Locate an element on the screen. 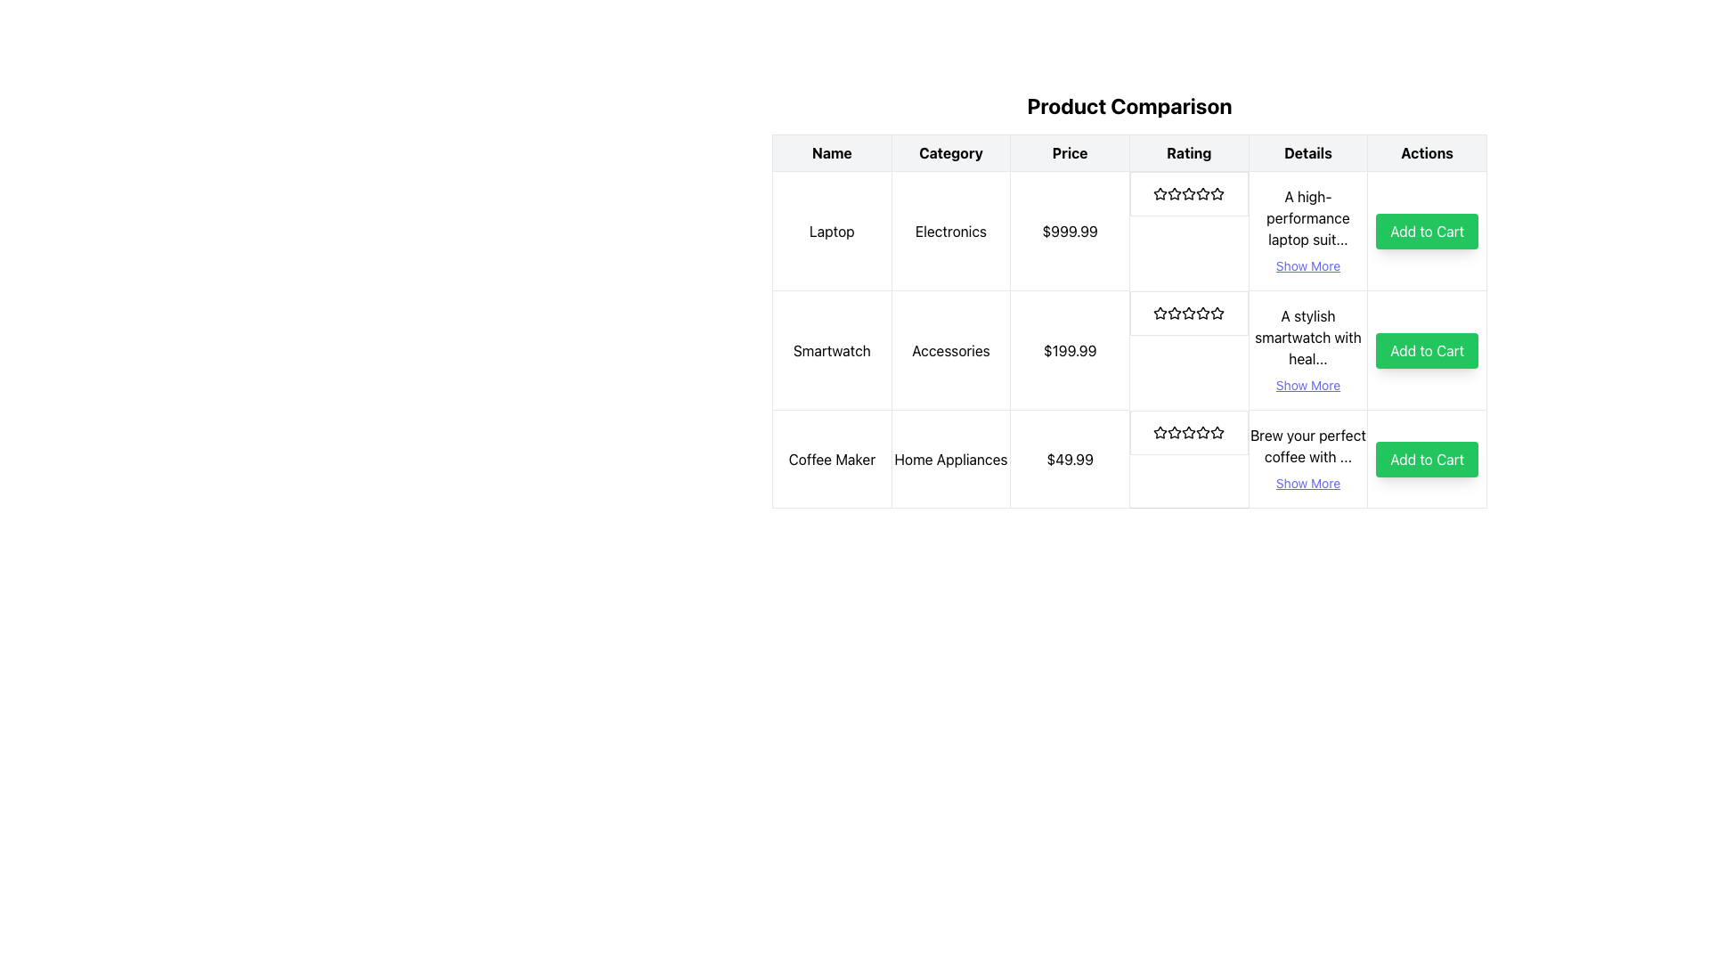 The image size is (1710, 962). the star rating display in the 'Rating' column of the second row labeled 'Smartwatch' in the 'Product Comparison' table is located at coordinates (1128, 339).